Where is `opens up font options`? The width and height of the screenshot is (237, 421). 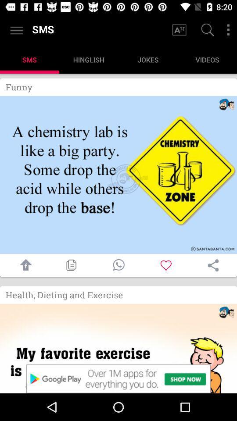 opens up font options is located at coordinates (179, 30).